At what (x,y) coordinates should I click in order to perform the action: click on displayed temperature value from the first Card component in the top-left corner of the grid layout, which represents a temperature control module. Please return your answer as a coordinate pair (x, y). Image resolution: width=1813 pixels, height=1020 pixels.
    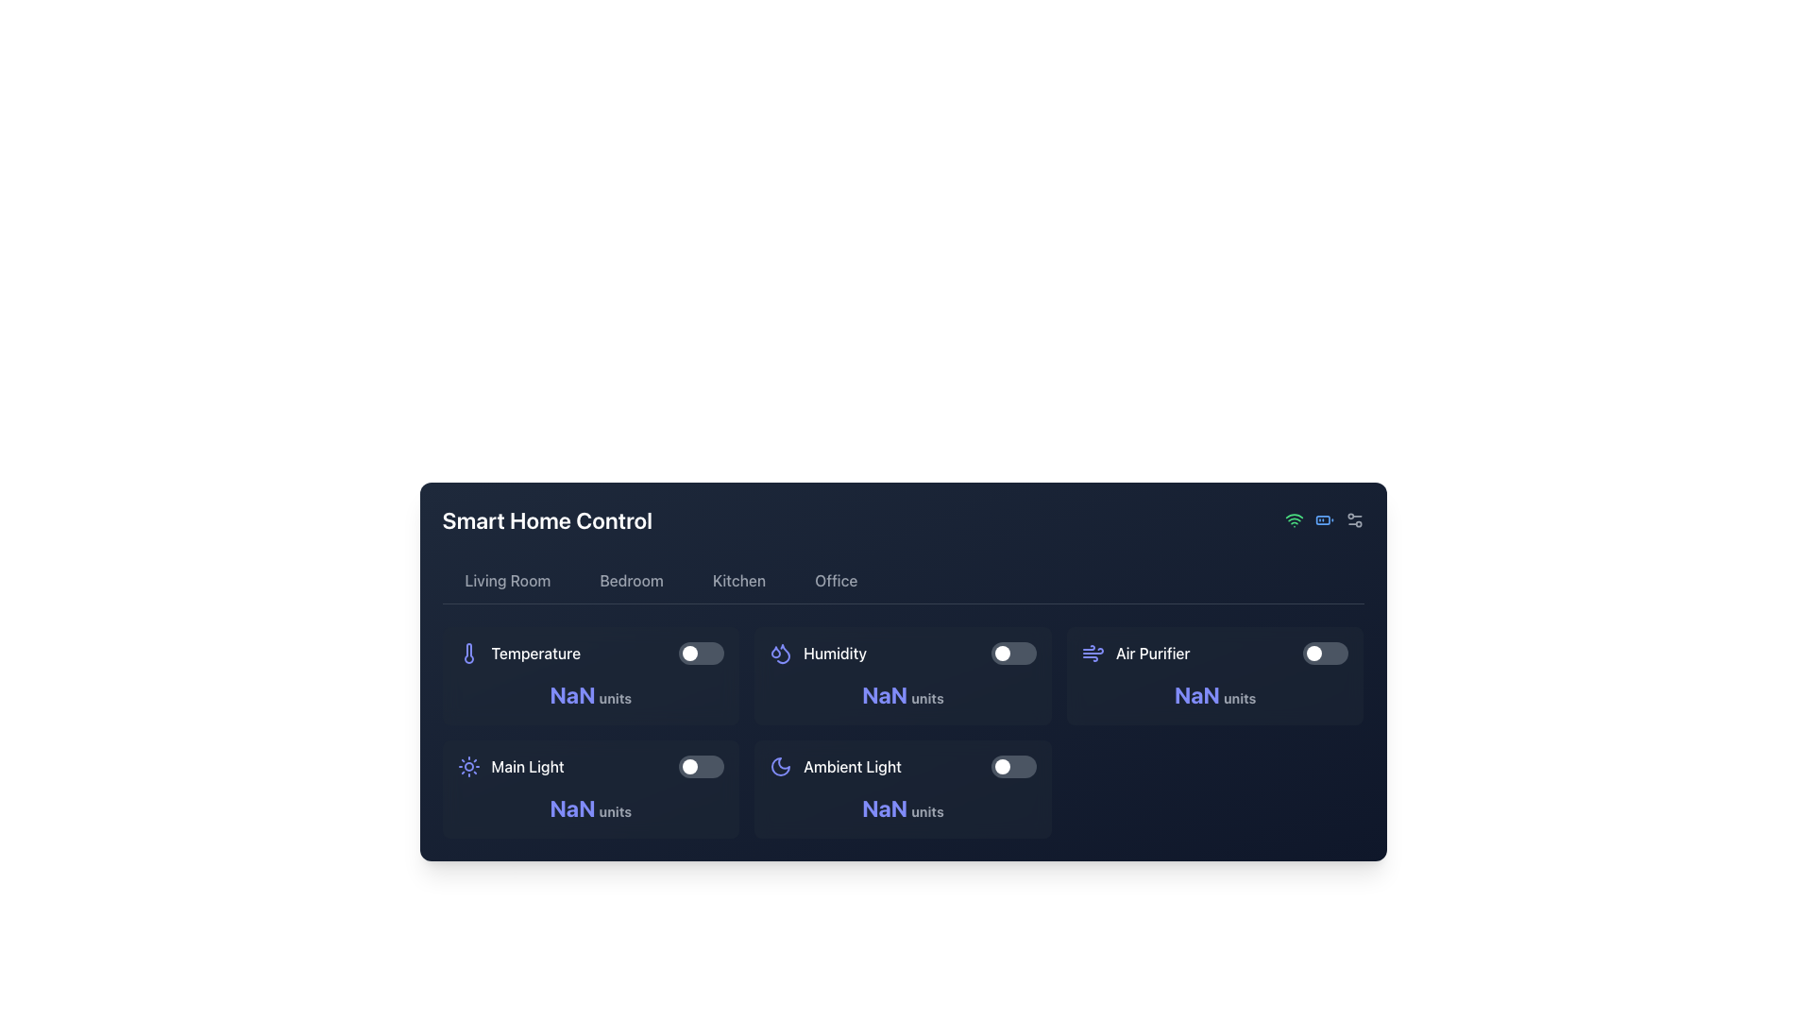
    Looking at the image, I should click on (589, 675).